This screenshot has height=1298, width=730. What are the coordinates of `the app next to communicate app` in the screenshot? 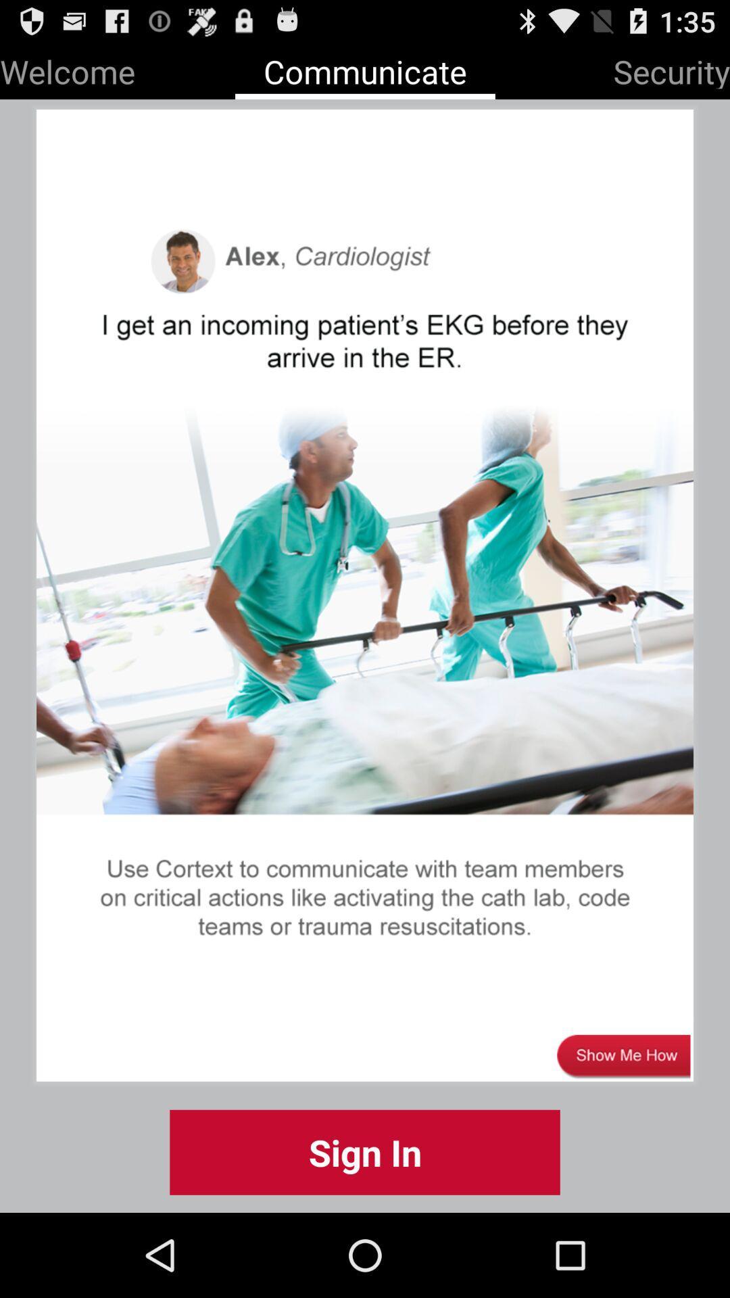 It's located at (671, 68).